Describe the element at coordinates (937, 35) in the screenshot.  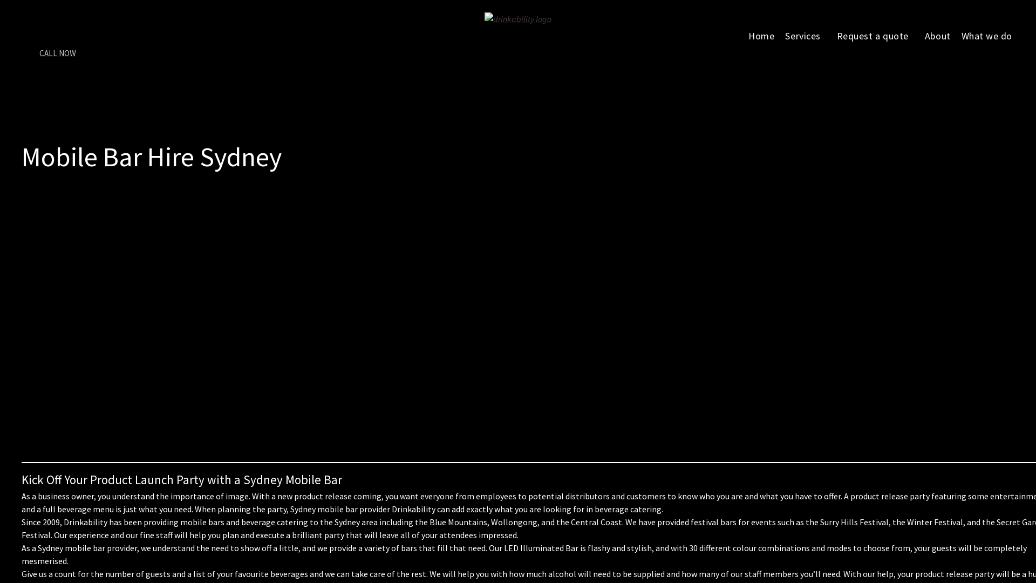
I see `'About'` at that location.